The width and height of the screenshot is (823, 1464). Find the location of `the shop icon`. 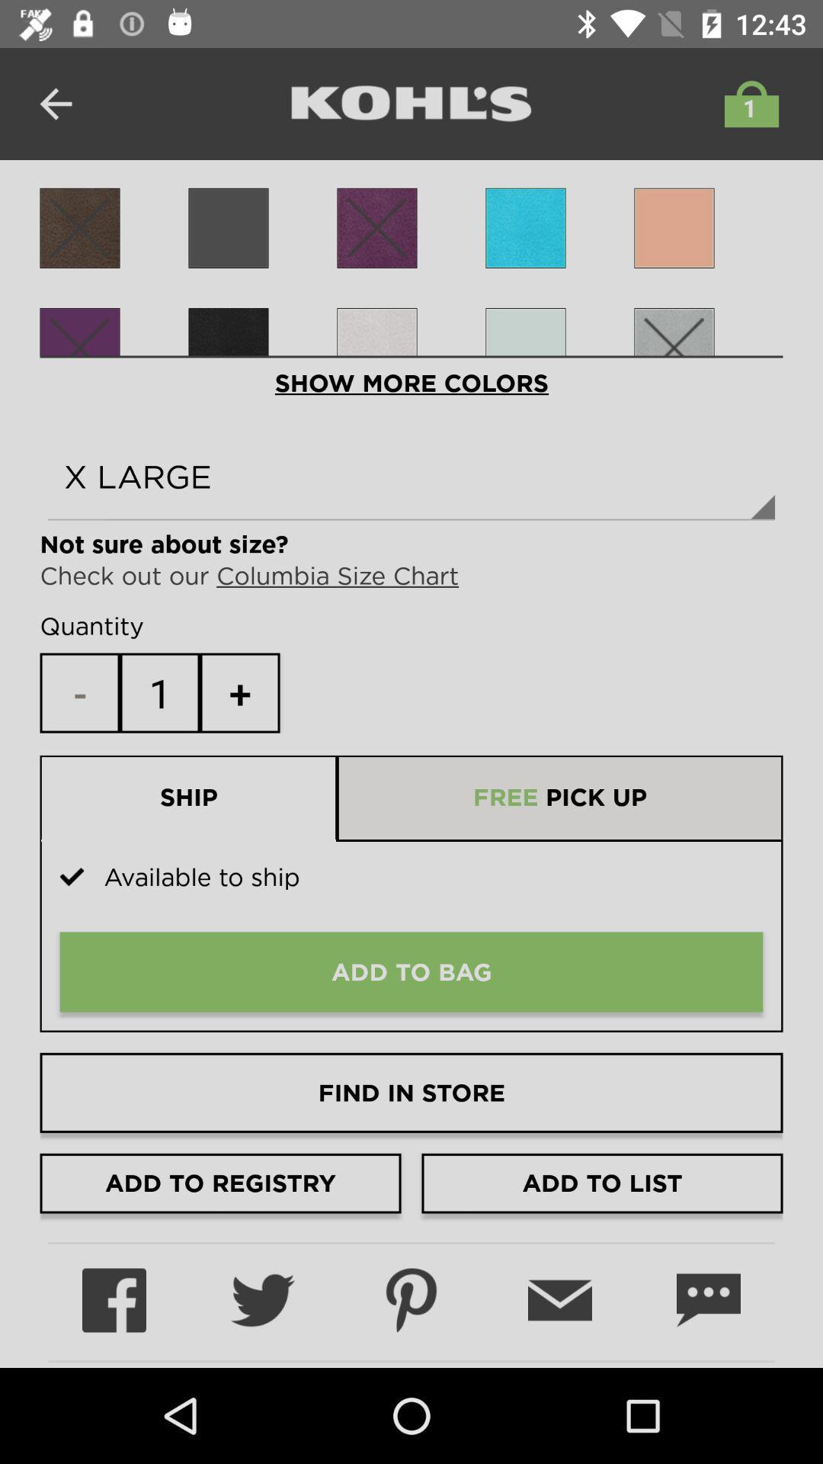

the shop icon is located at coordinates (747, 103).